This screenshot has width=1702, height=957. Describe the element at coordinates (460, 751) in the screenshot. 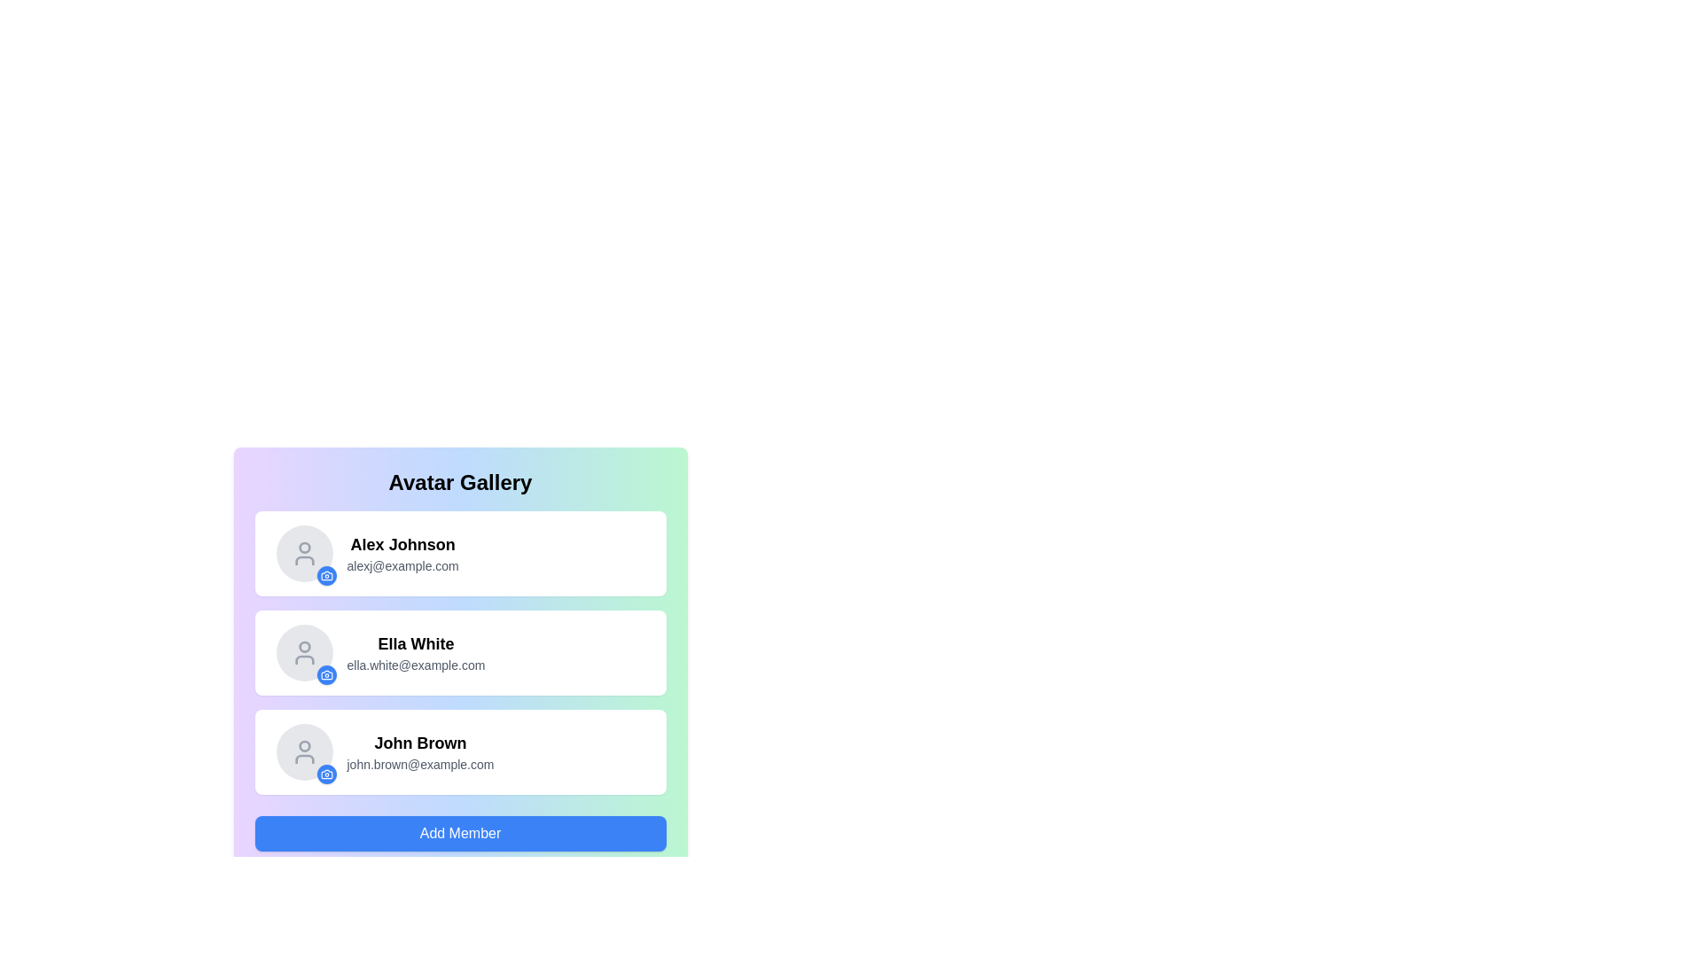

I see `the third user profile card for 'John Brown' in the Avatar Gallery section` at that location.